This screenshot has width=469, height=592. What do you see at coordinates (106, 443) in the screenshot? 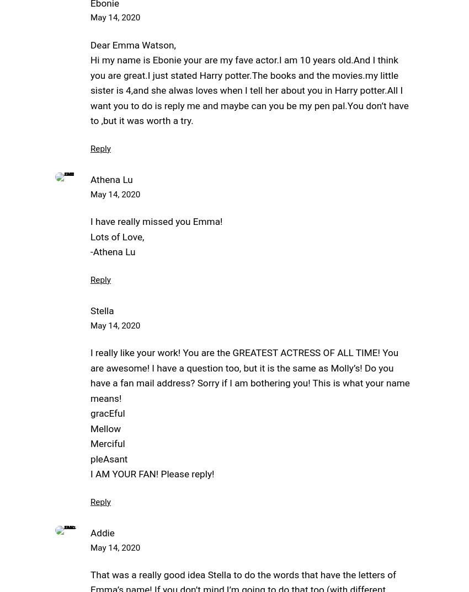
I see `'Merciful'` at bounding box center [106, 443].